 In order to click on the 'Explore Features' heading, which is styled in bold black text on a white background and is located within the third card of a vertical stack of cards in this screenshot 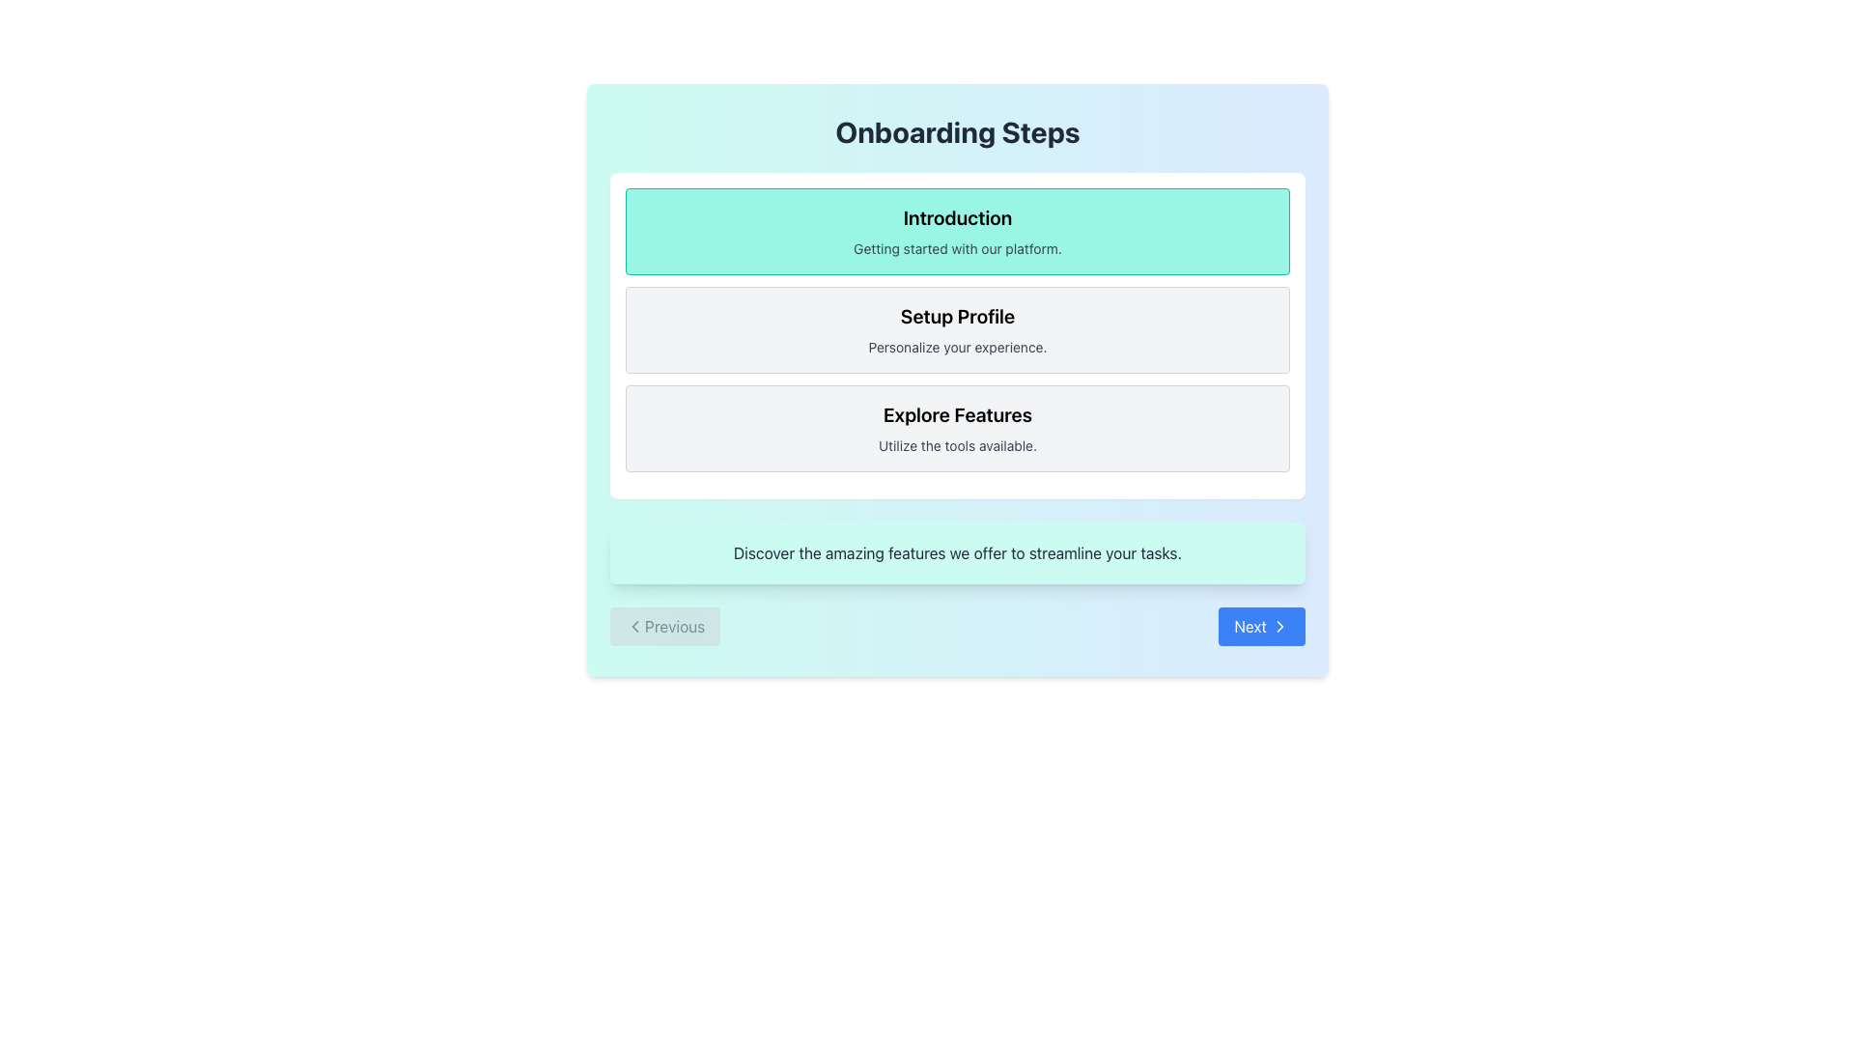, I will do `click(958, 413)`.